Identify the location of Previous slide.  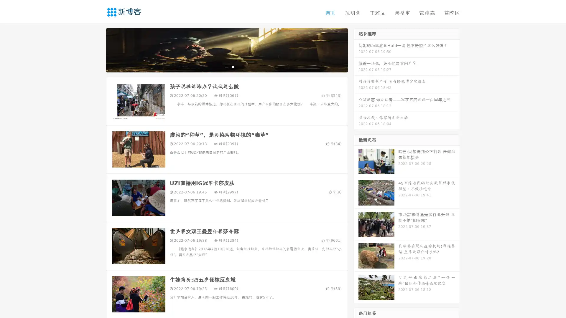
(97, 49).